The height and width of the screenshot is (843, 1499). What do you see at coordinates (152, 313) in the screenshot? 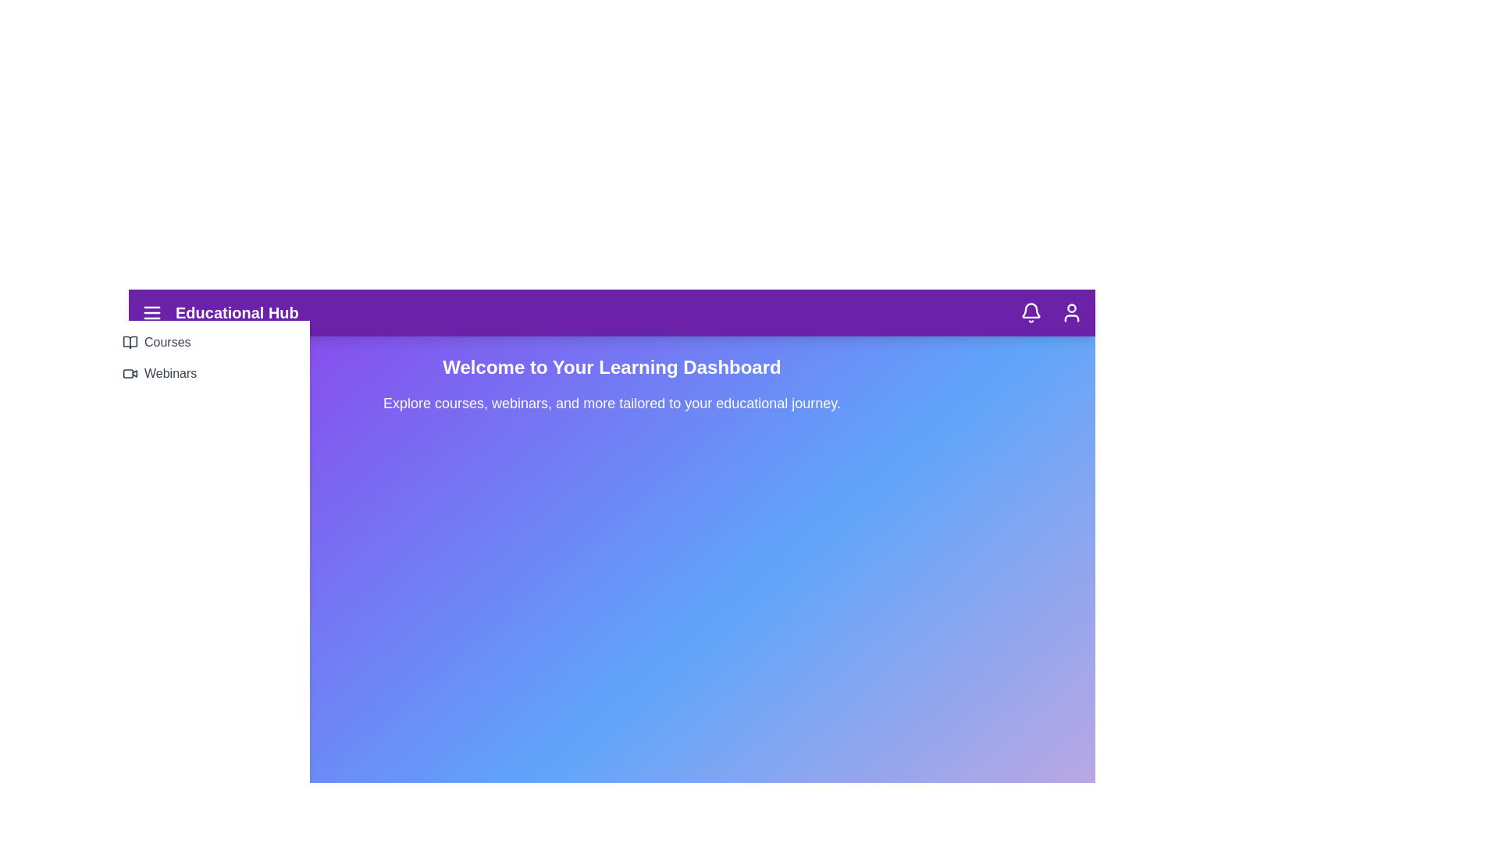
I see `the menu button to toggle the navigation menu visibility` at bounding box center [152, 313].